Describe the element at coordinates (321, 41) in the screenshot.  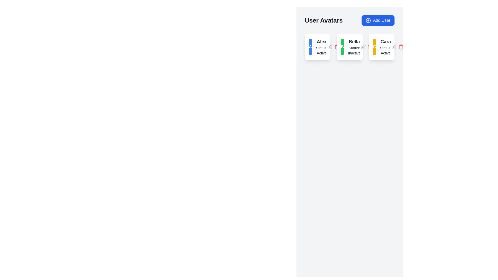
I see `the text element displaying 'Alex' in bold at the top of the first user card, above 'Status: Active'` at that location.